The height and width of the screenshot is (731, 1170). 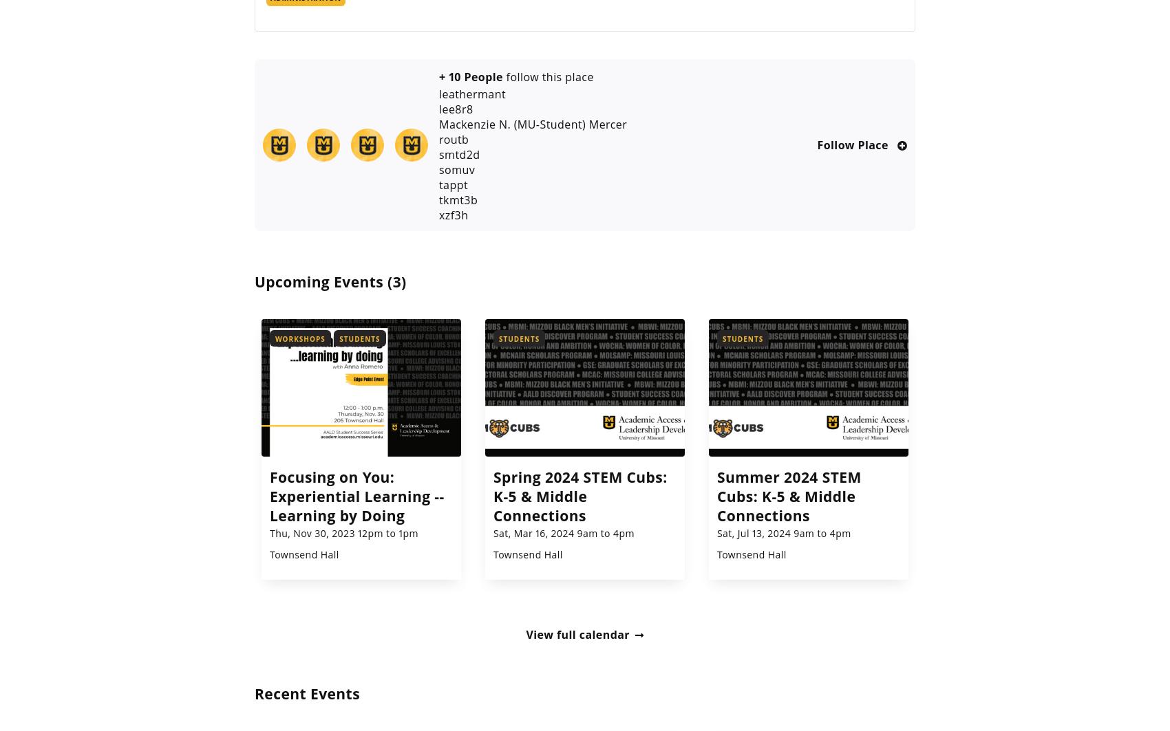 What do you see at coordinates (453, 214) in the screenshot?
I see `'xzf3h'` at bounding box center [453, 214].